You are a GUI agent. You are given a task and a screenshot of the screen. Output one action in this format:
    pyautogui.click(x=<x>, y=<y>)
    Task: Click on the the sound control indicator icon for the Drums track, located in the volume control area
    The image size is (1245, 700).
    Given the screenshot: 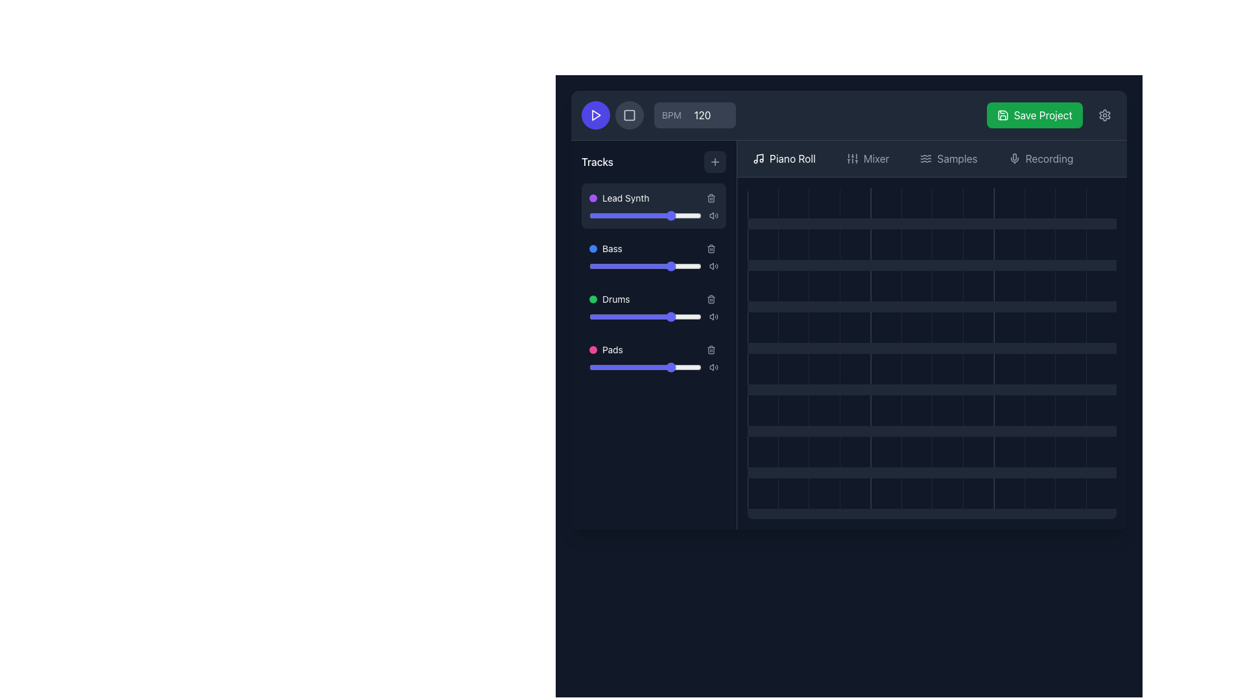 What is the action you would take?
    pyautogui.click(x=711, y=317)
    